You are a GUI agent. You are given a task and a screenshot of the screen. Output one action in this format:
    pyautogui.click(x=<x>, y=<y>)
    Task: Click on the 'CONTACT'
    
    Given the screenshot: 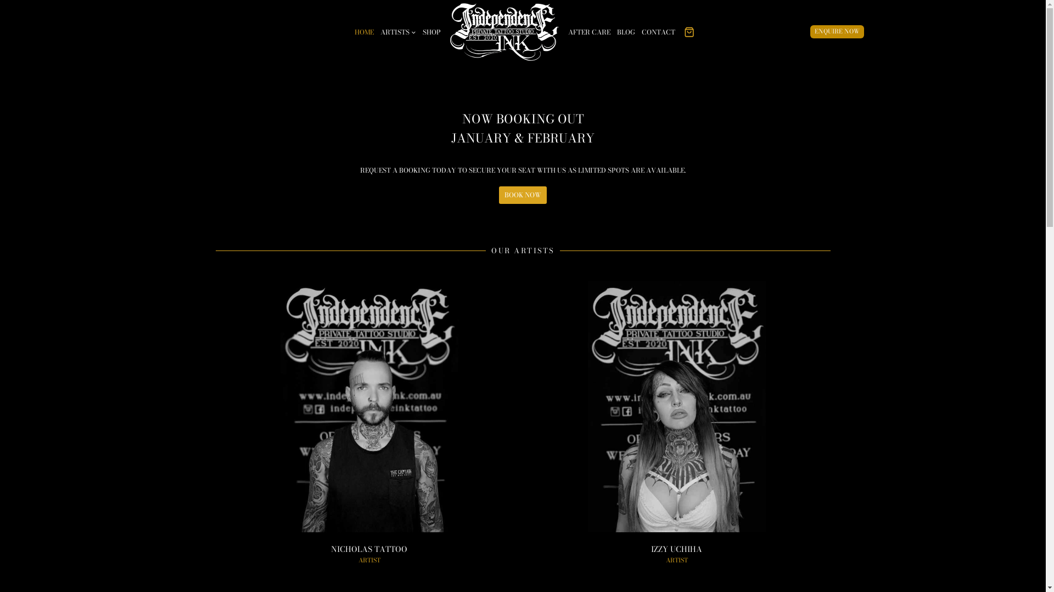 What is the action you would take?
    pyautogui.click(x=658, y=31)
    